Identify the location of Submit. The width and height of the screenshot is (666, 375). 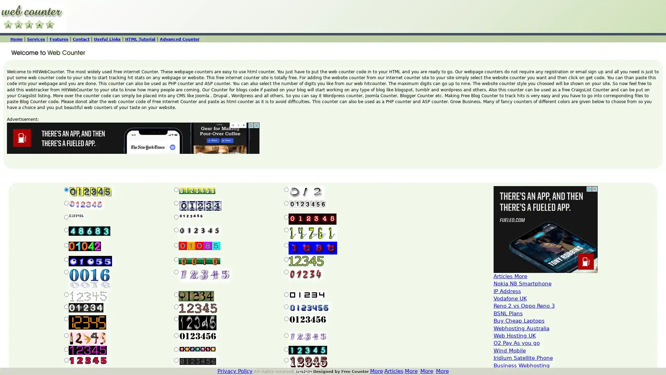
(198, 308).